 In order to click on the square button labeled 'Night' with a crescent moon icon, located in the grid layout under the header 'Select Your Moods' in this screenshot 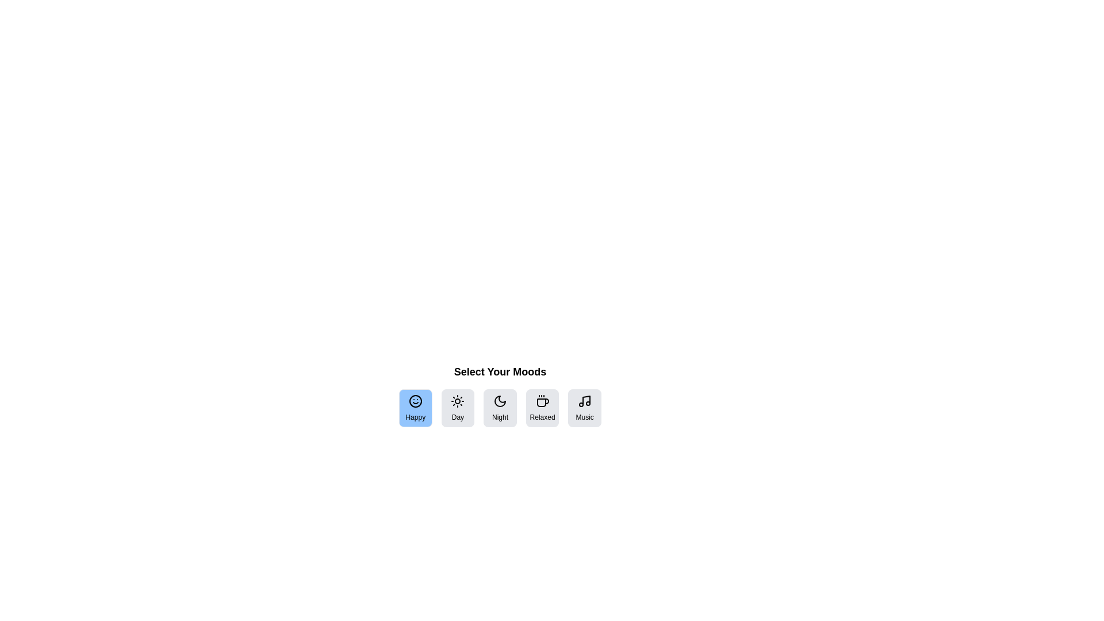, I will do `click(500, 407)`.